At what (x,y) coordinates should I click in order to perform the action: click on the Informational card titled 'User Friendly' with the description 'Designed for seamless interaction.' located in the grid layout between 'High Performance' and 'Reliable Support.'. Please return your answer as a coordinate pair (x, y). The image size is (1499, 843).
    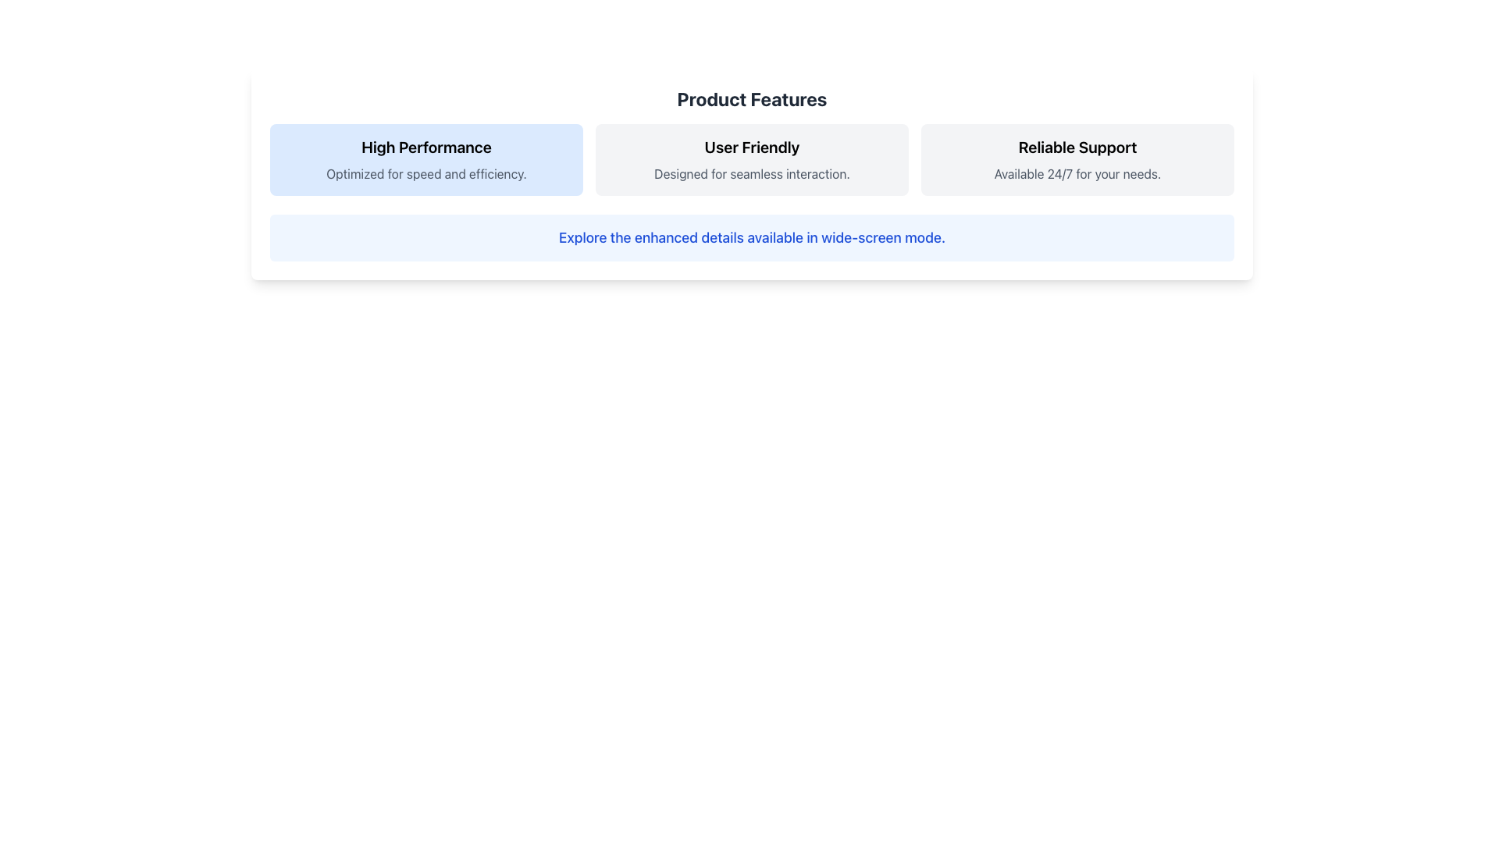
    Looking at the image, I should click on (752, 159).